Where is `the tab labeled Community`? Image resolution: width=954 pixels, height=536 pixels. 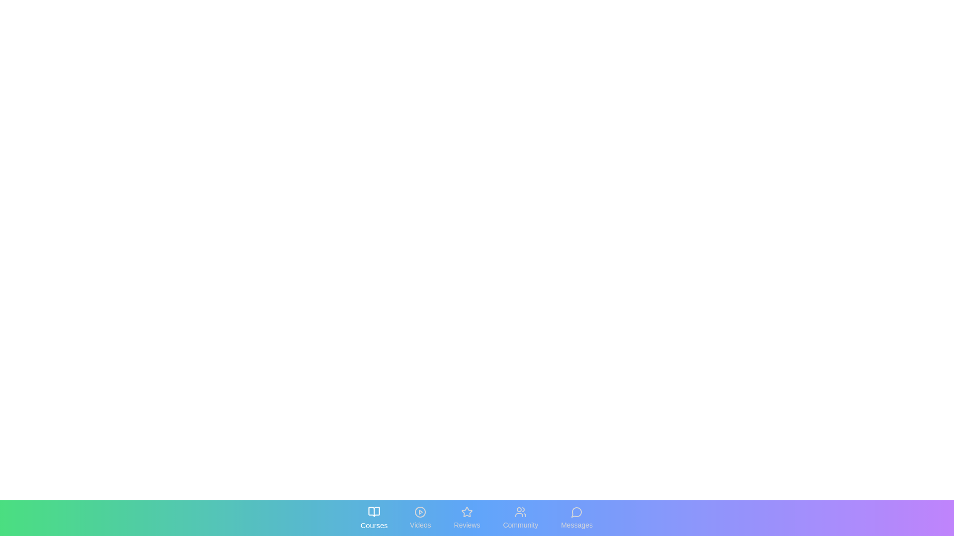 the tab labeled Community is located at coordinates (520, 518).